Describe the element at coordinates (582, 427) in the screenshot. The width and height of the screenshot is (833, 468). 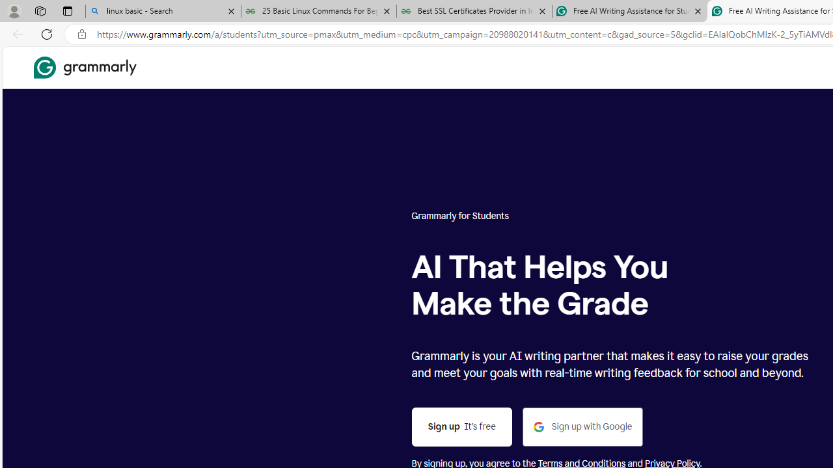
I see `'Sign up with Google'` at that location.